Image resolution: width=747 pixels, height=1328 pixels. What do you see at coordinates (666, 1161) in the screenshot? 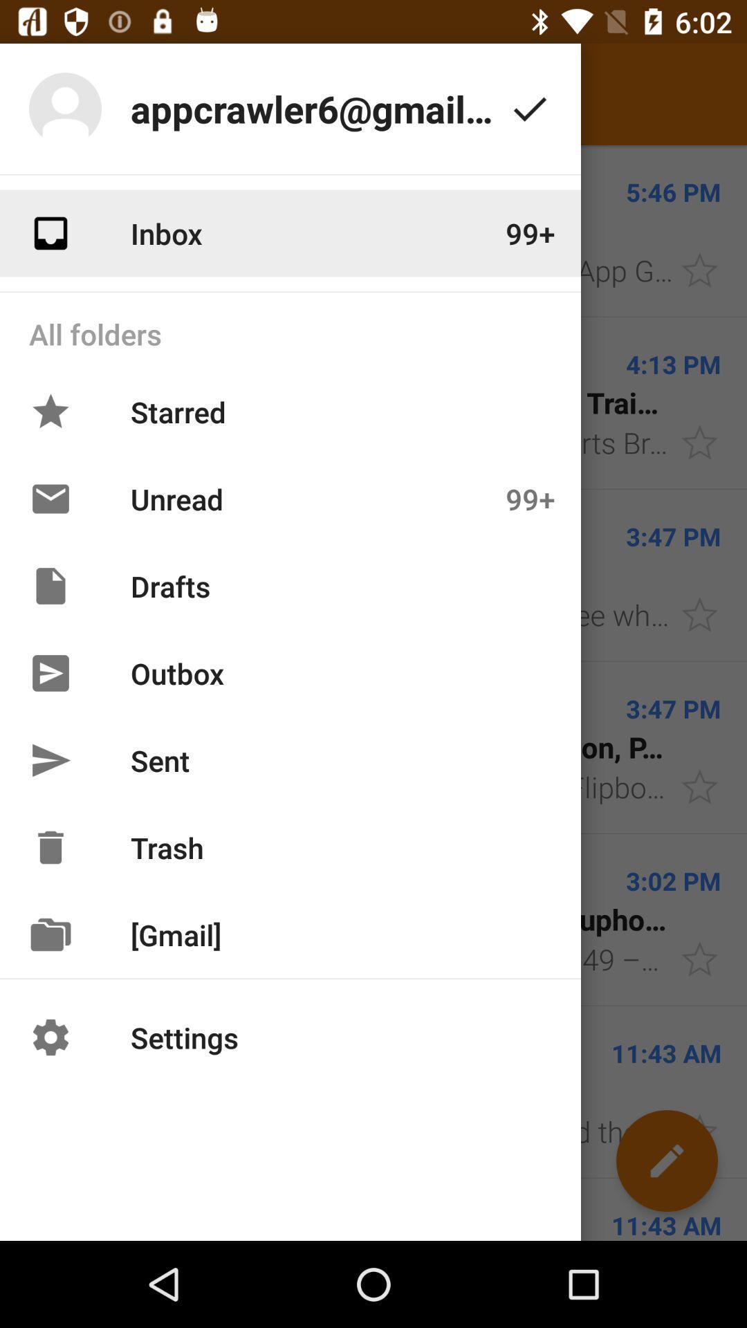
I see `the edit icon` at bounding box center [666, 1161].